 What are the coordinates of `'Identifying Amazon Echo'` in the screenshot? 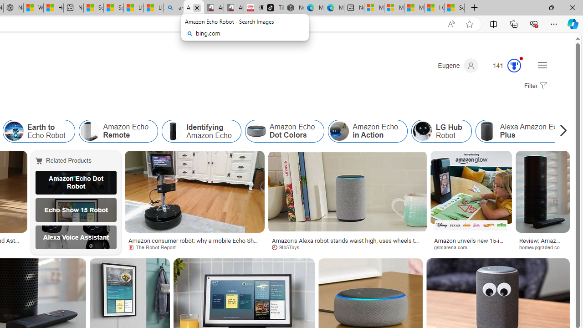 It's located at (201, 131).